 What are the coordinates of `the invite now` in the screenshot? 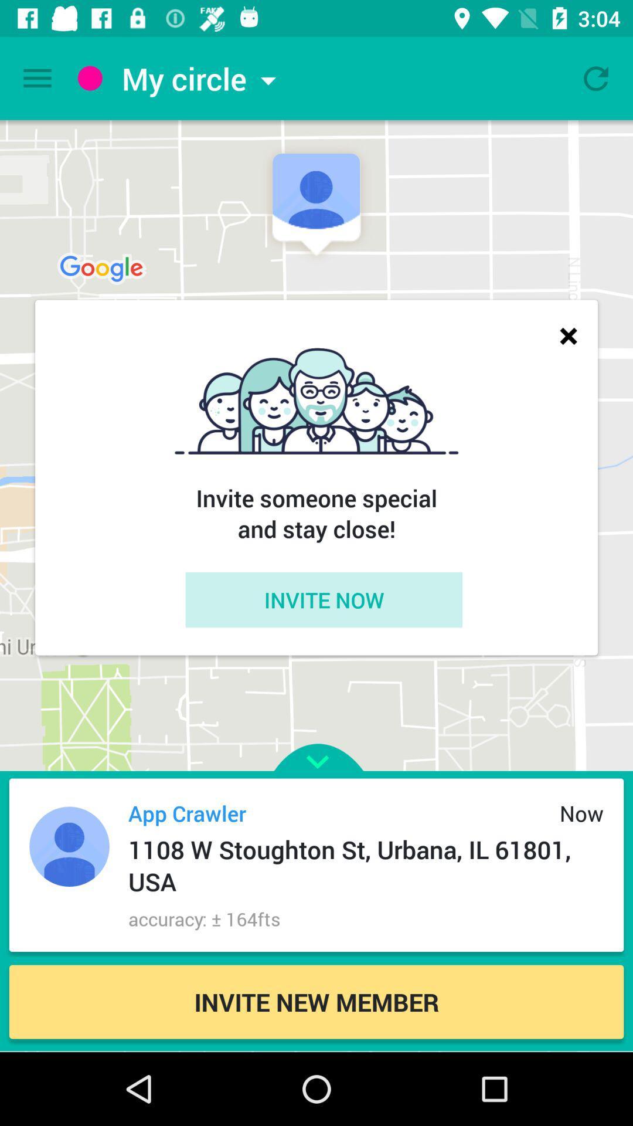 It's located at (324, 599).